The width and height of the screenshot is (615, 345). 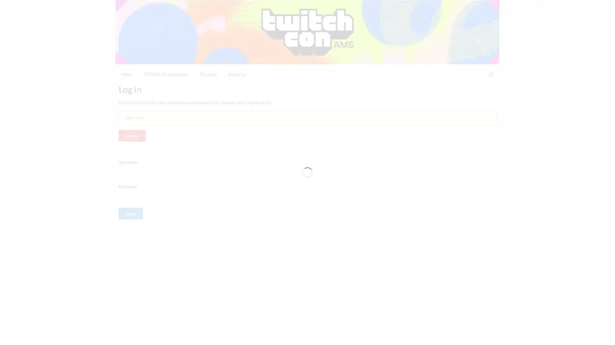 I want to click on Allow All, so click(x=475, y=334).